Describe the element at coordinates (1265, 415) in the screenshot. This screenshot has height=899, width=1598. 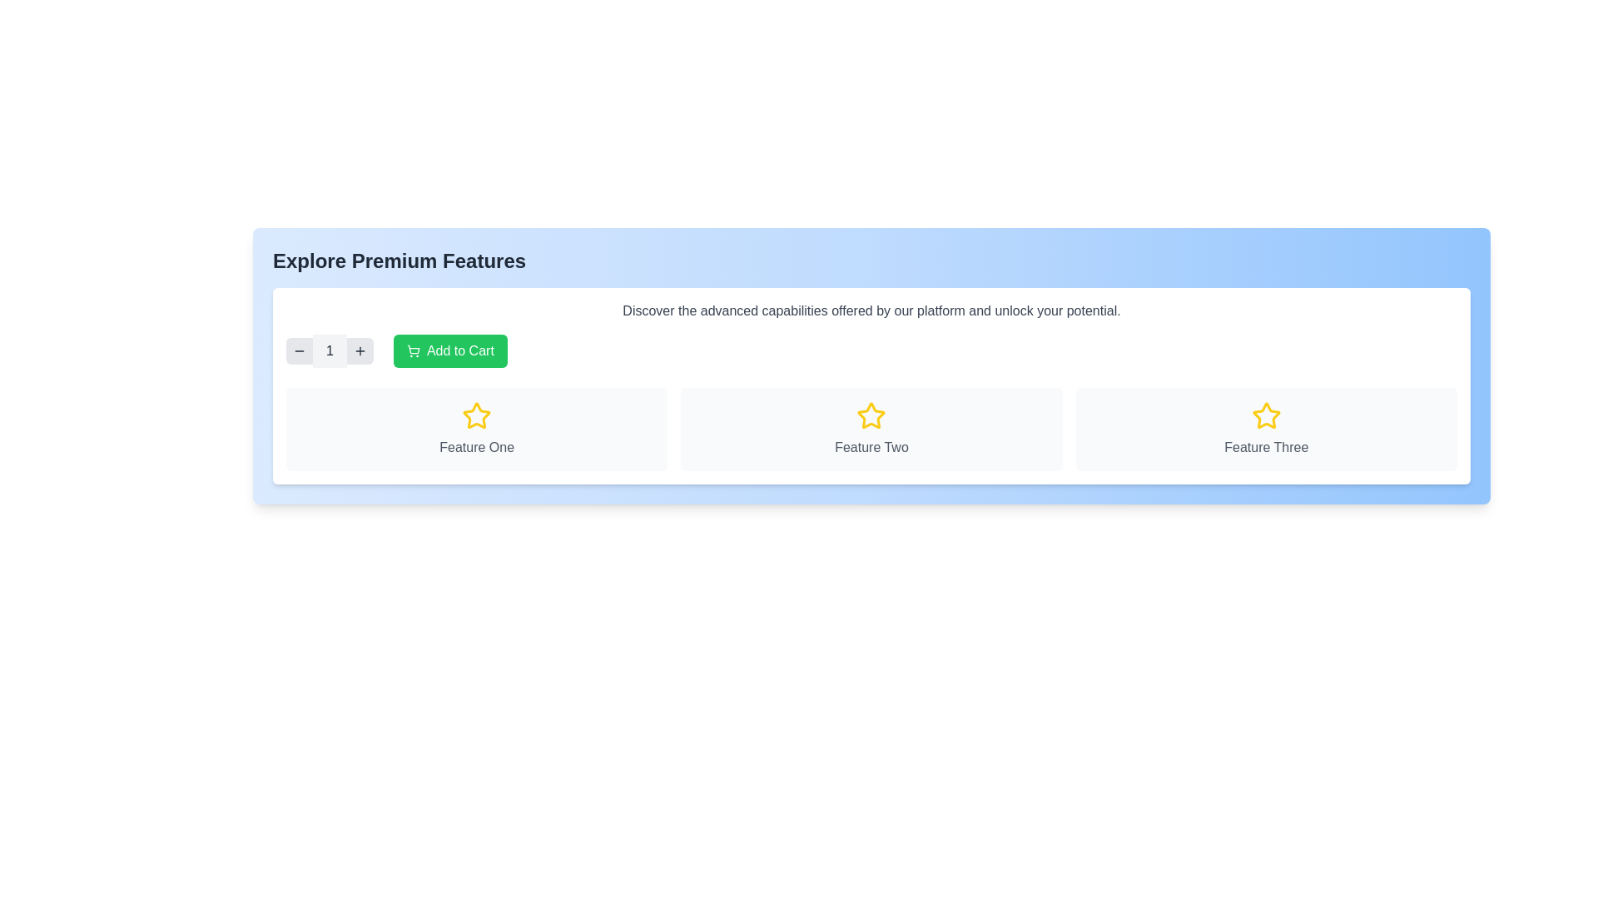
I see `the star-shaped icon outlined in bold yellow color` at that location.